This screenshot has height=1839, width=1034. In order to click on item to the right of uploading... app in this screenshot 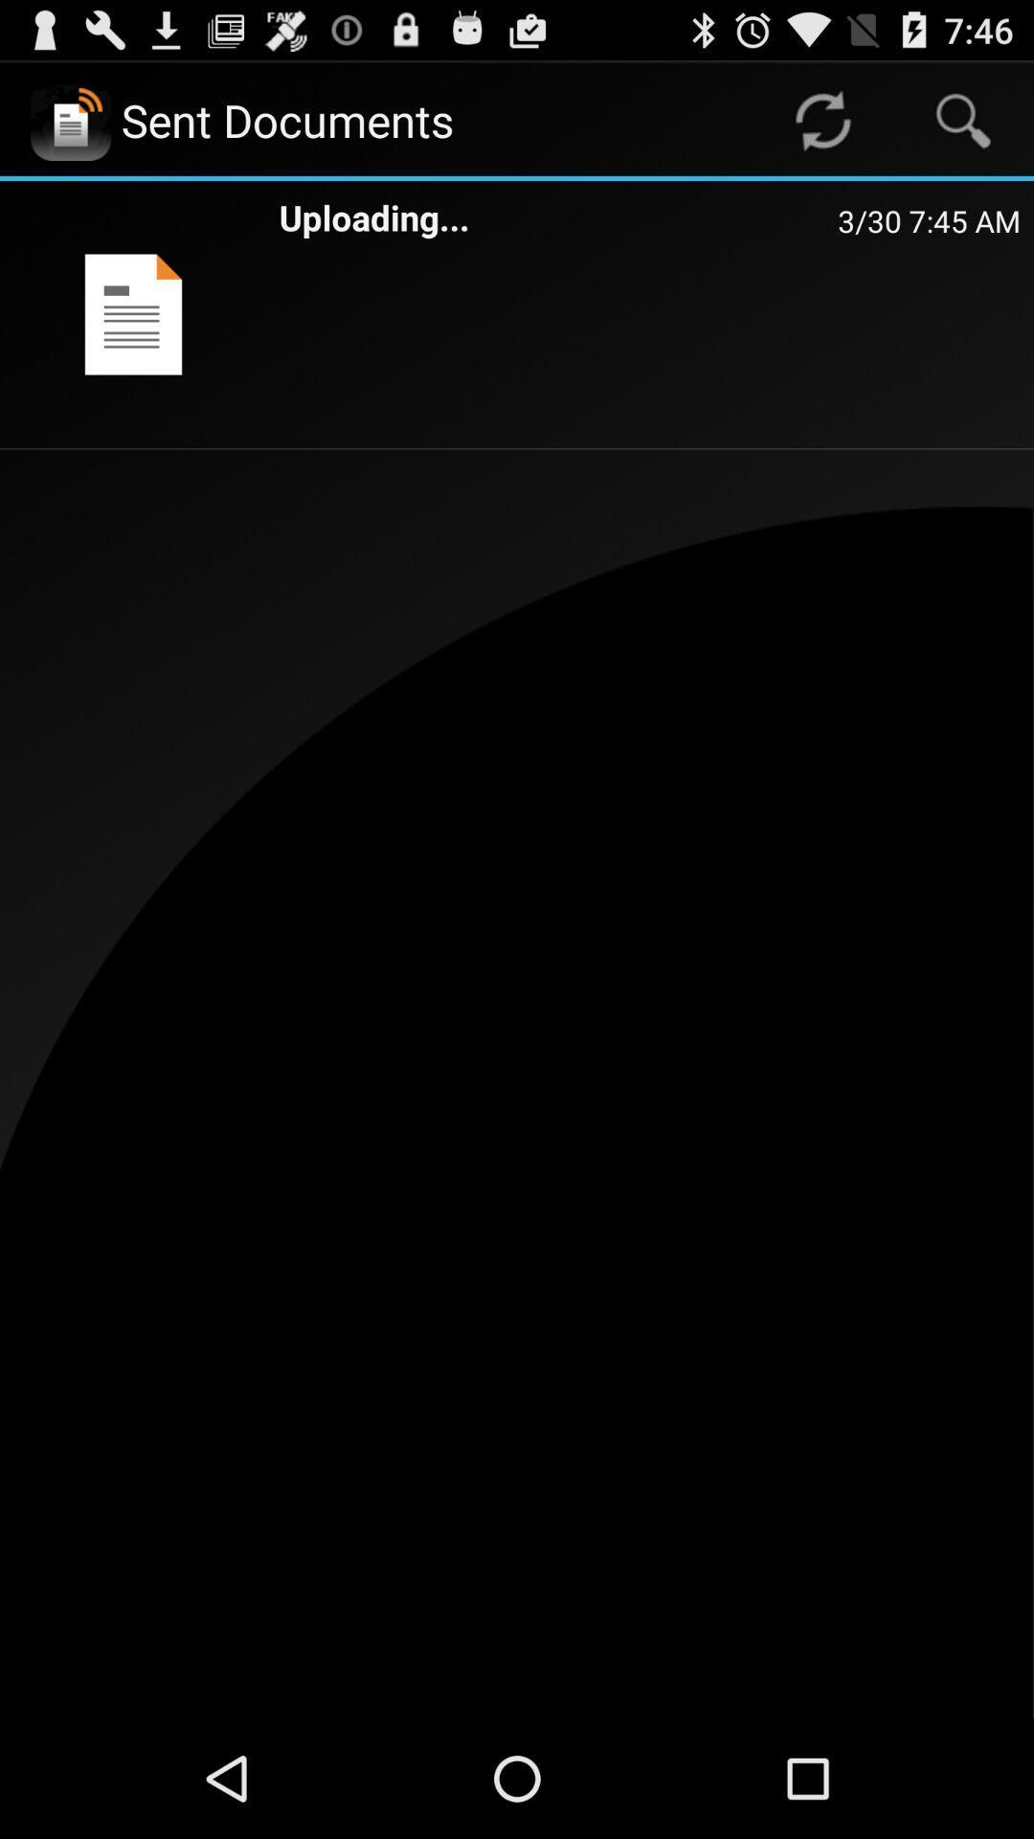, I will do `click(928, 220)`.